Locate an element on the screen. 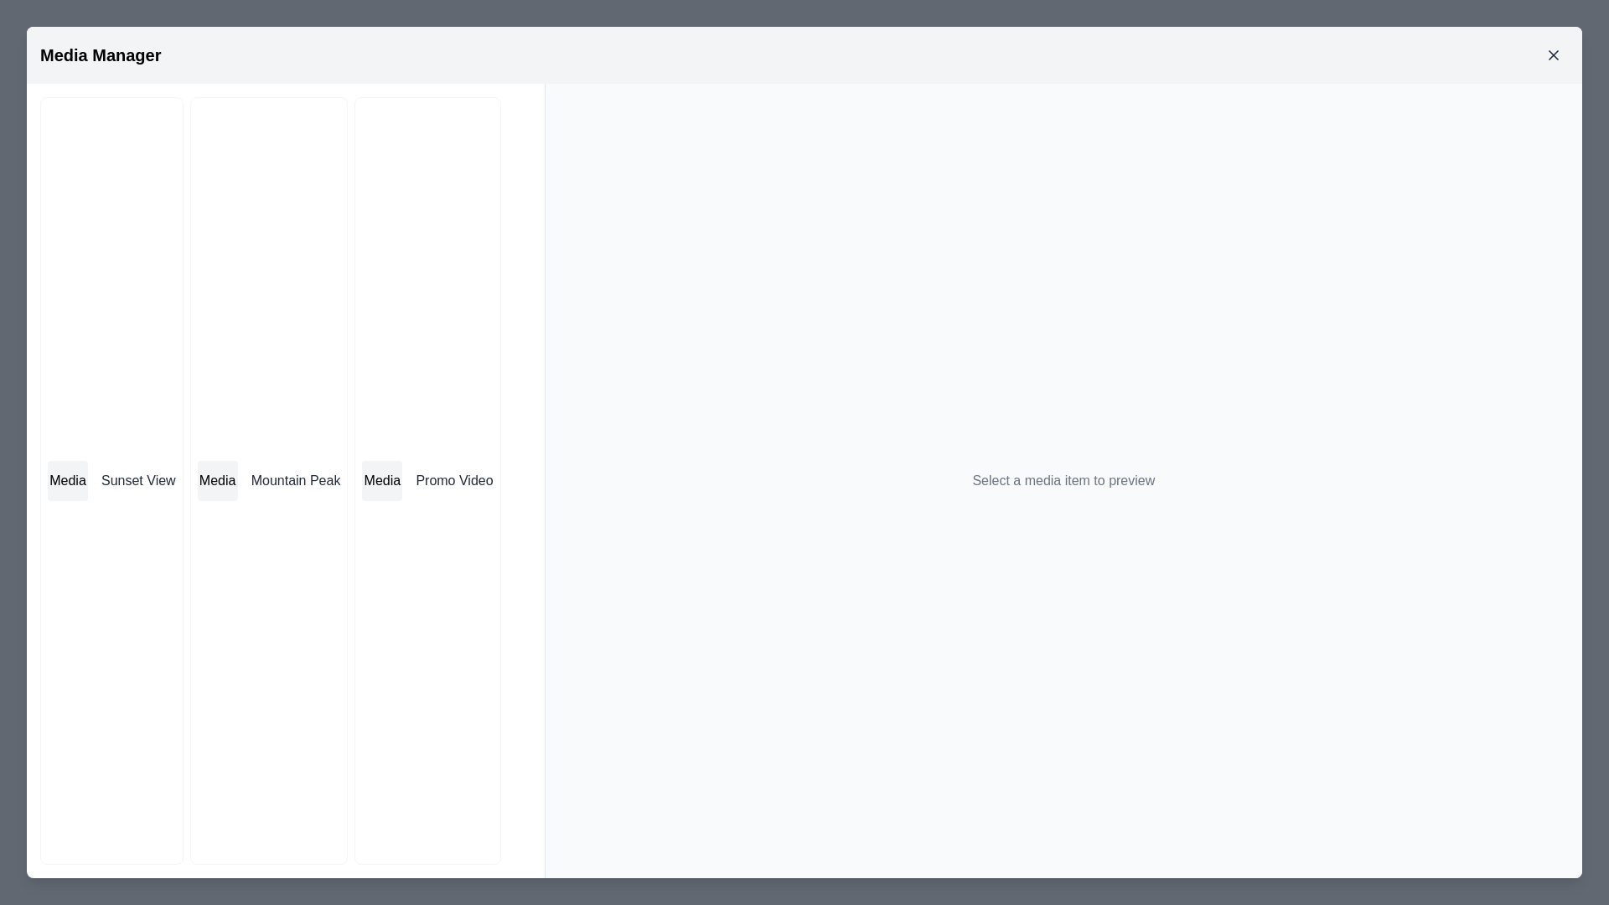 This screenshot has height=905, width=1609. the text label displaying 'Sunset View' is located at coordinates (138, 481).